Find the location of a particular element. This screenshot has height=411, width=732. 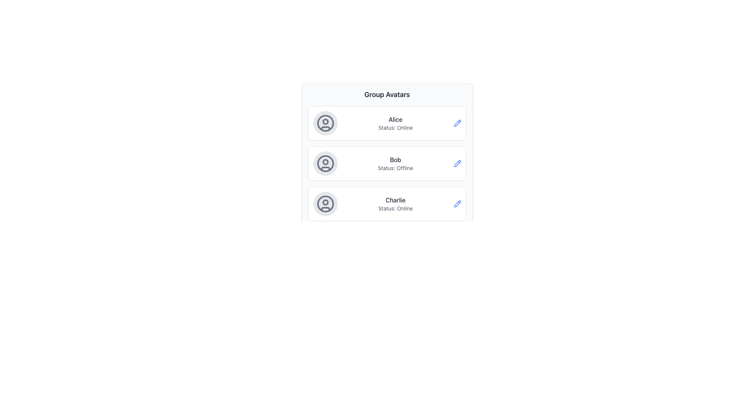

the small text component displaying 'Status: Offline' in gray font, located below the name 'Bob' is located at coordinates (395, 168).